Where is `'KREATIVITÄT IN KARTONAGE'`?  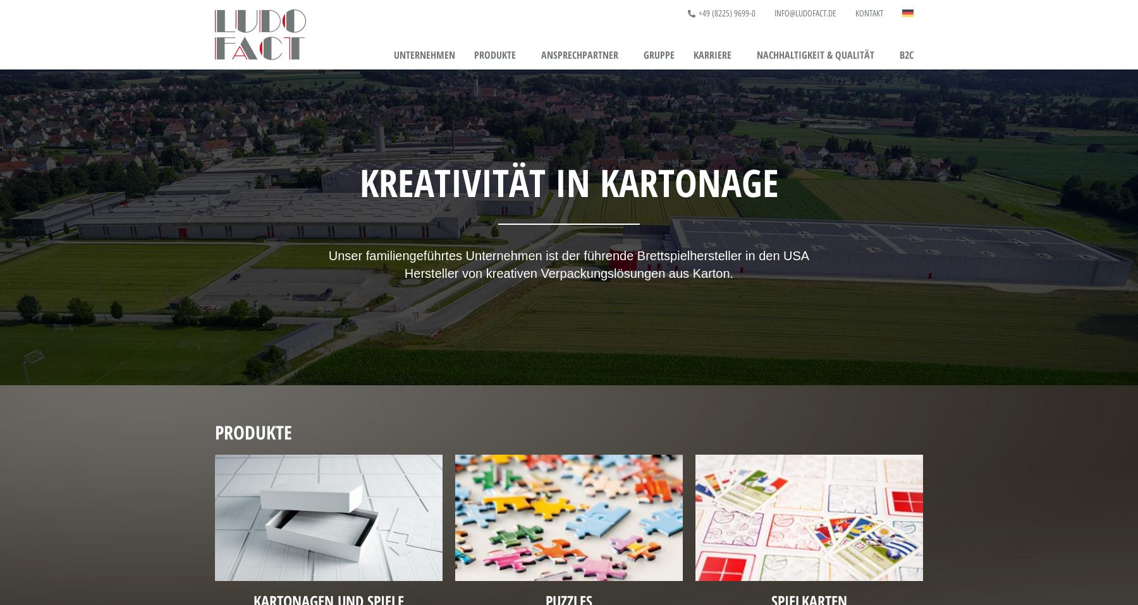 'KREATIVITÄT IN KARTONAGE' is located at coordinates (568, 181).